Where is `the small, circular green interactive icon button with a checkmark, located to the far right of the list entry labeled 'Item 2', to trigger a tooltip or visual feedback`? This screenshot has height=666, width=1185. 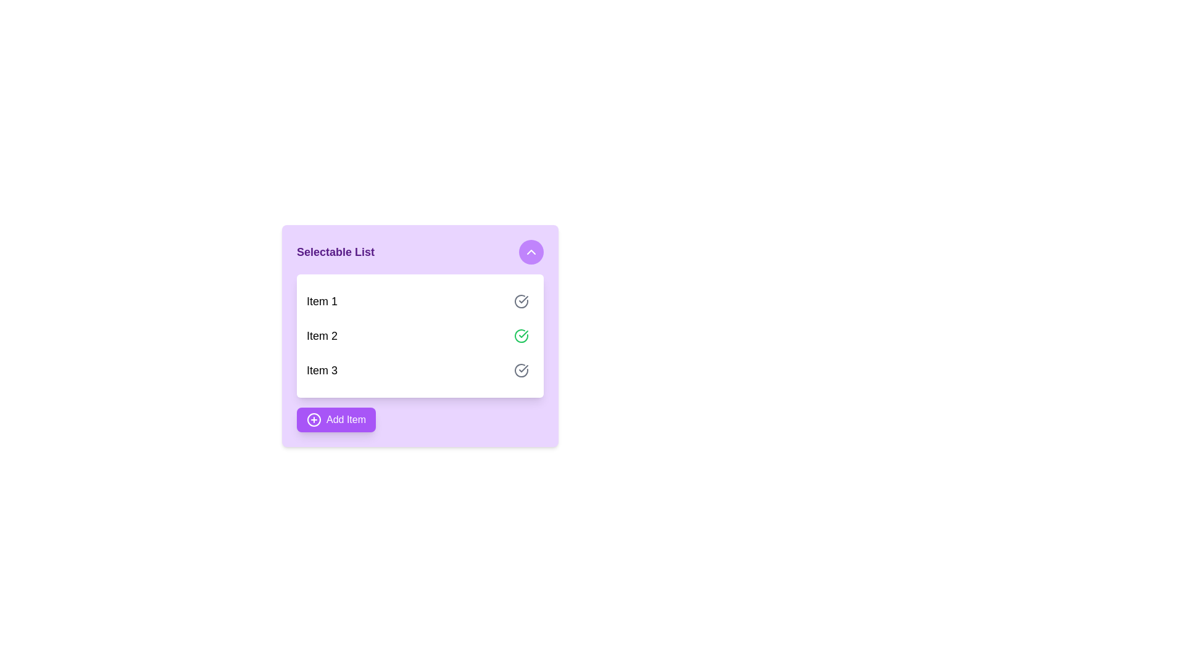
the small, circular green interactive icon button with a checkmark, located to the far right of the list entry labeled 'Item 2', to trigger a tooltip or visual feedback is located at coordinates (521, 335).